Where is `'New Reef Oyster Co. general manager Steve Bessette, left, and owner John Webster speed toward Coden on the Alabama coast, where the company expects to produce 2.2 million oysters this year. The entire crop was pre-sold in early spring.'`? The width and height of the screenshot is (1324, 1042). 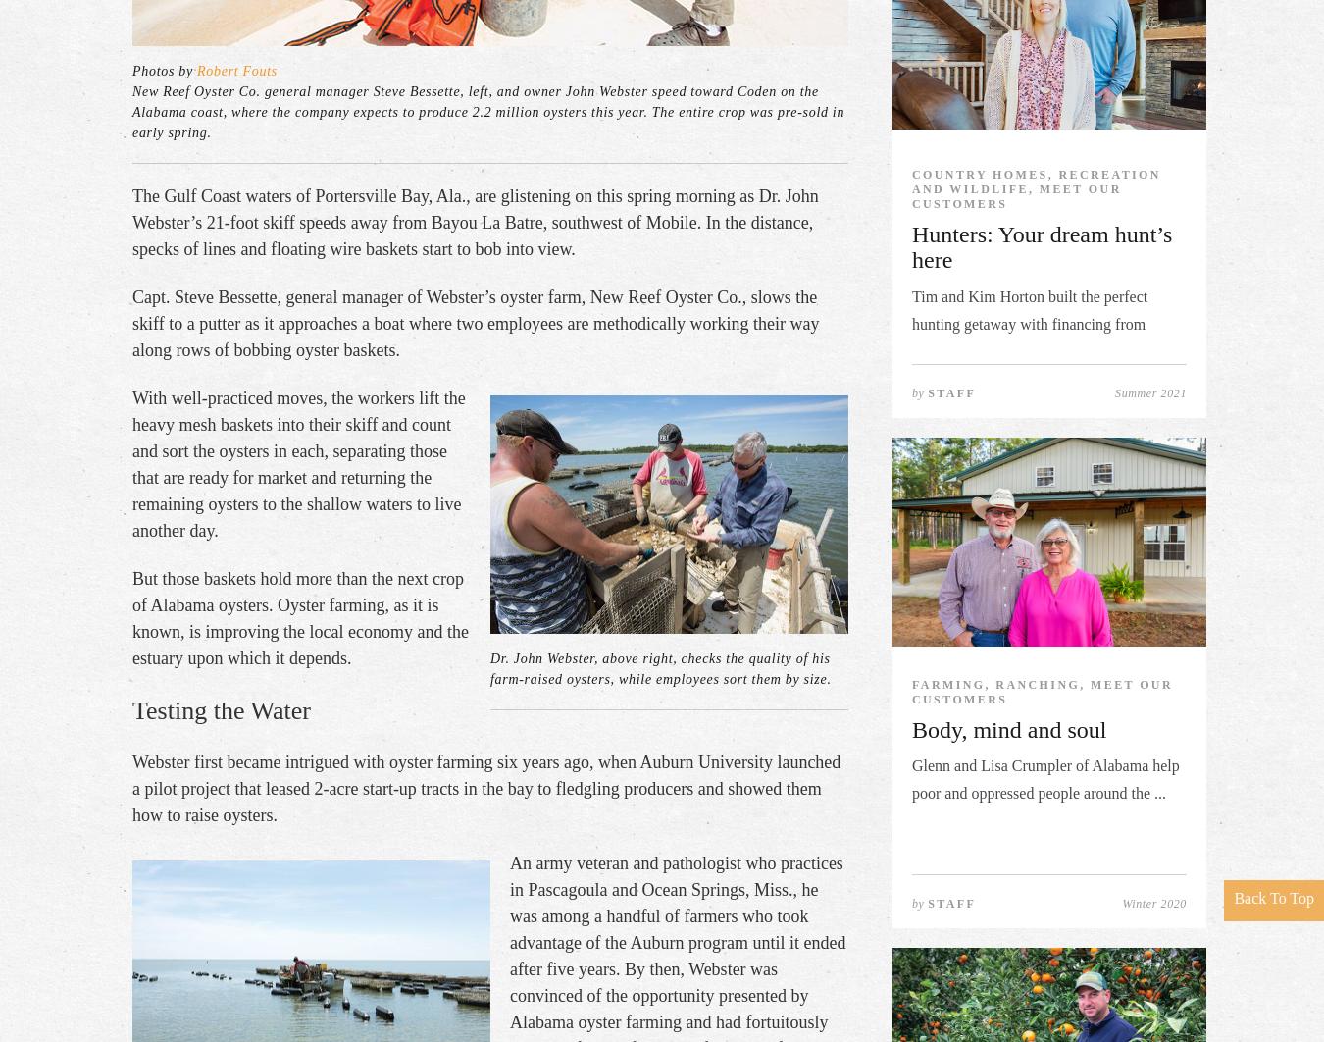
'New Reef Oyster Co. general manager Steve Bessette, left, and owner John Webster speed toward Coden on the Alabama coast, where the company expects to produce 2.2 million oysters this year. The entire crop was pre-sold in early spring.' is located at coordinates (487, 111).